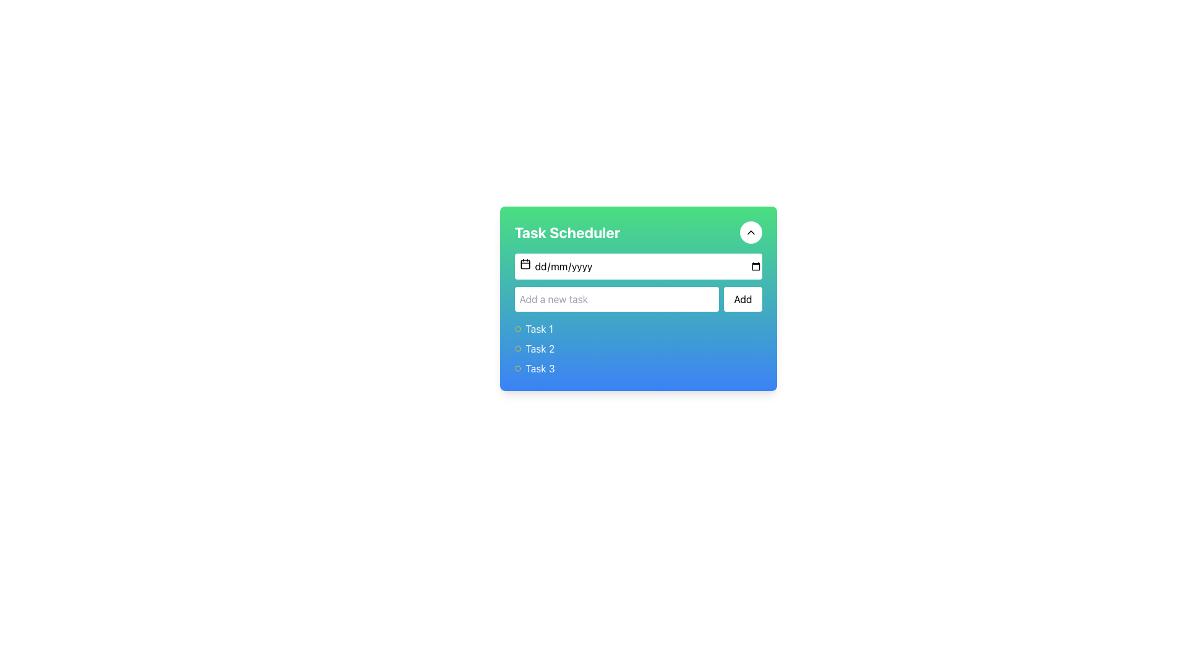  Describe the element at coordinates (638, 348) in the screenshot. I see `on the list item labeled 'Task 2', which is the second item in a vertical task list under the 'Task Scheduler' section` at that location.